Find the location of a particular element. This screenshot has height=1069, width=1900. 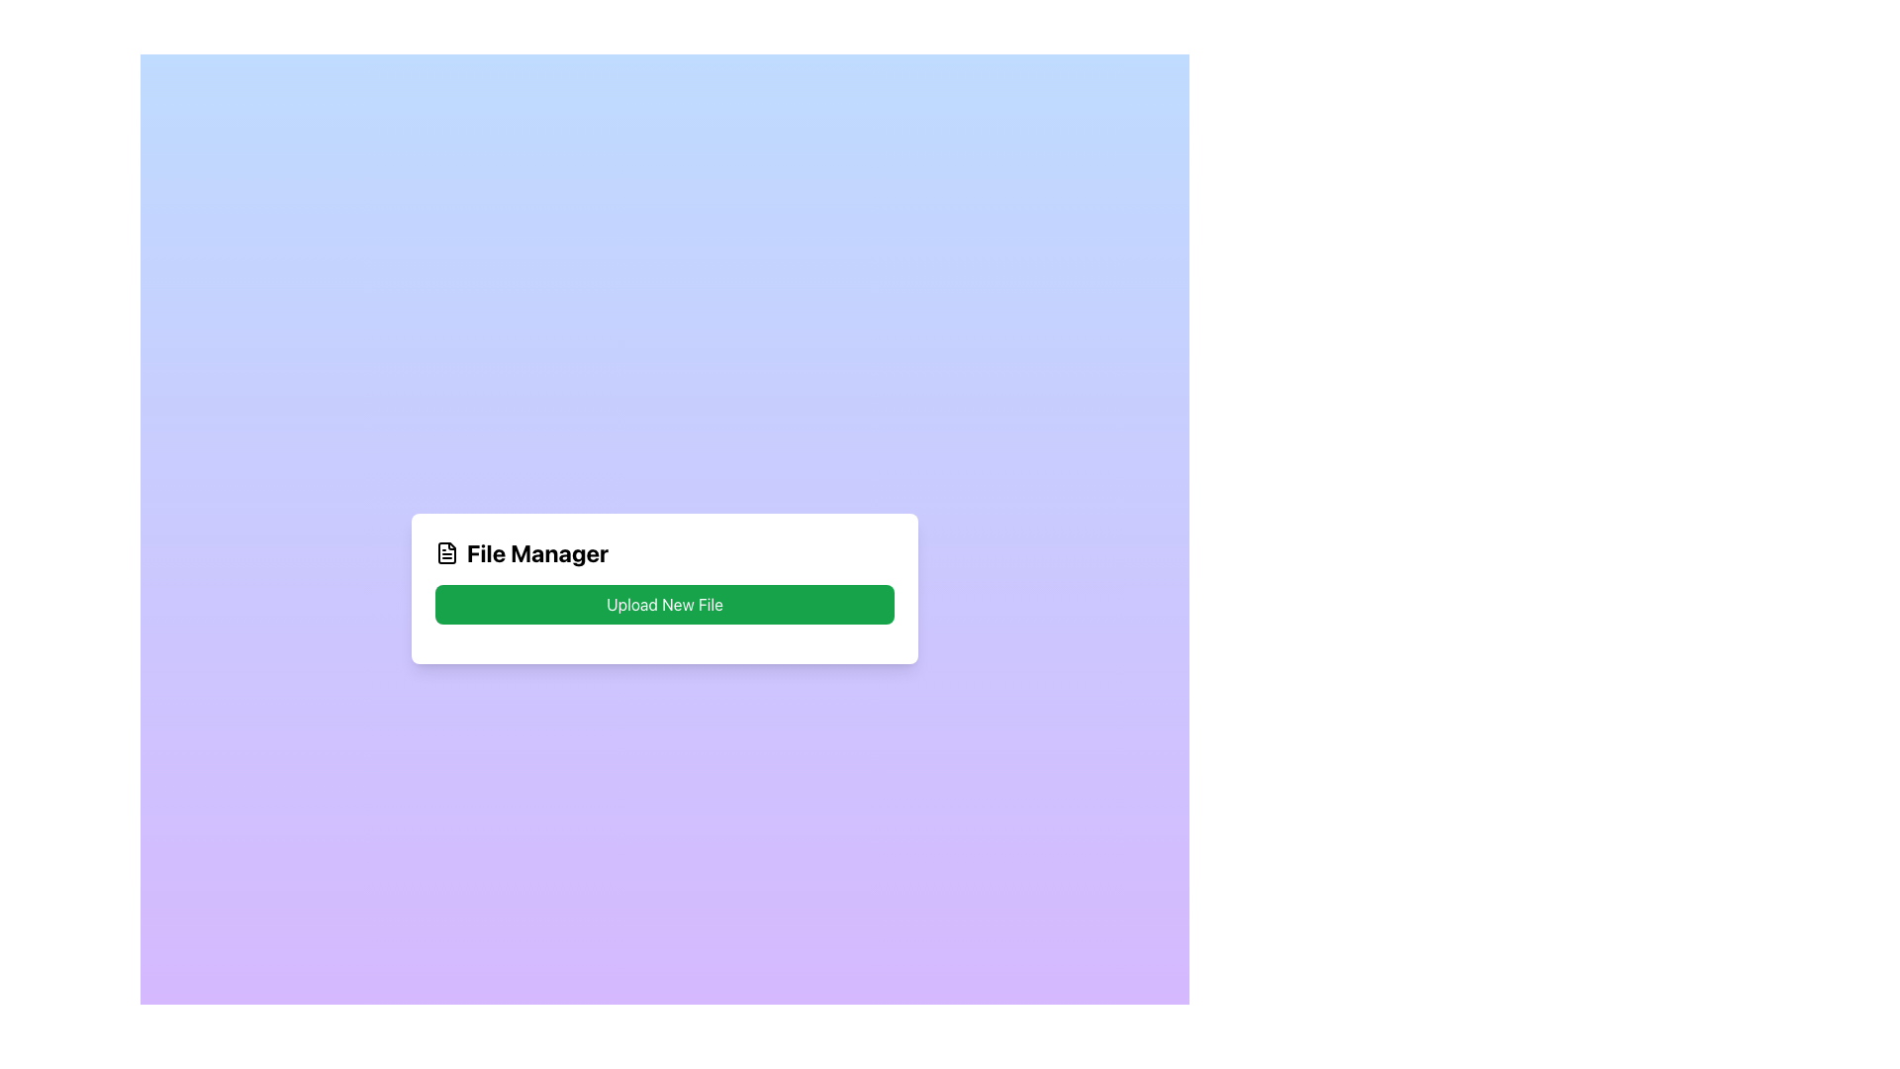

the button located within the 'File Manager' card to change its background color is located at coordinates (665, 603).